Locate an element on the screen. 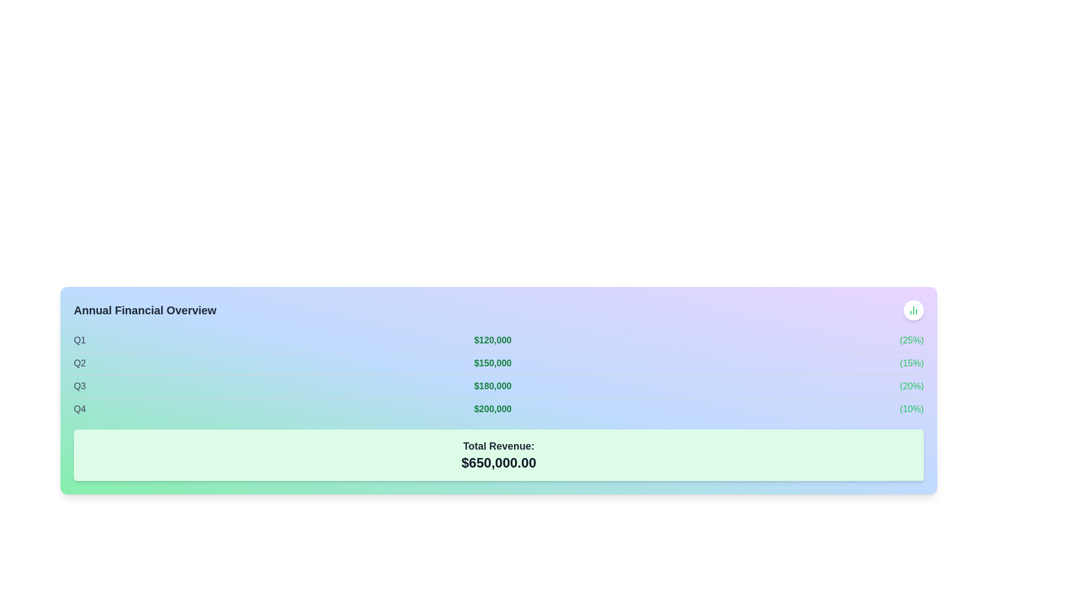  the Text label that displays the percentage growth or allocation associated with the "$150,000" revenue of Q2 in the financial overview table, located in the second row and to the far right of the row is located at coordinates (912, 364).